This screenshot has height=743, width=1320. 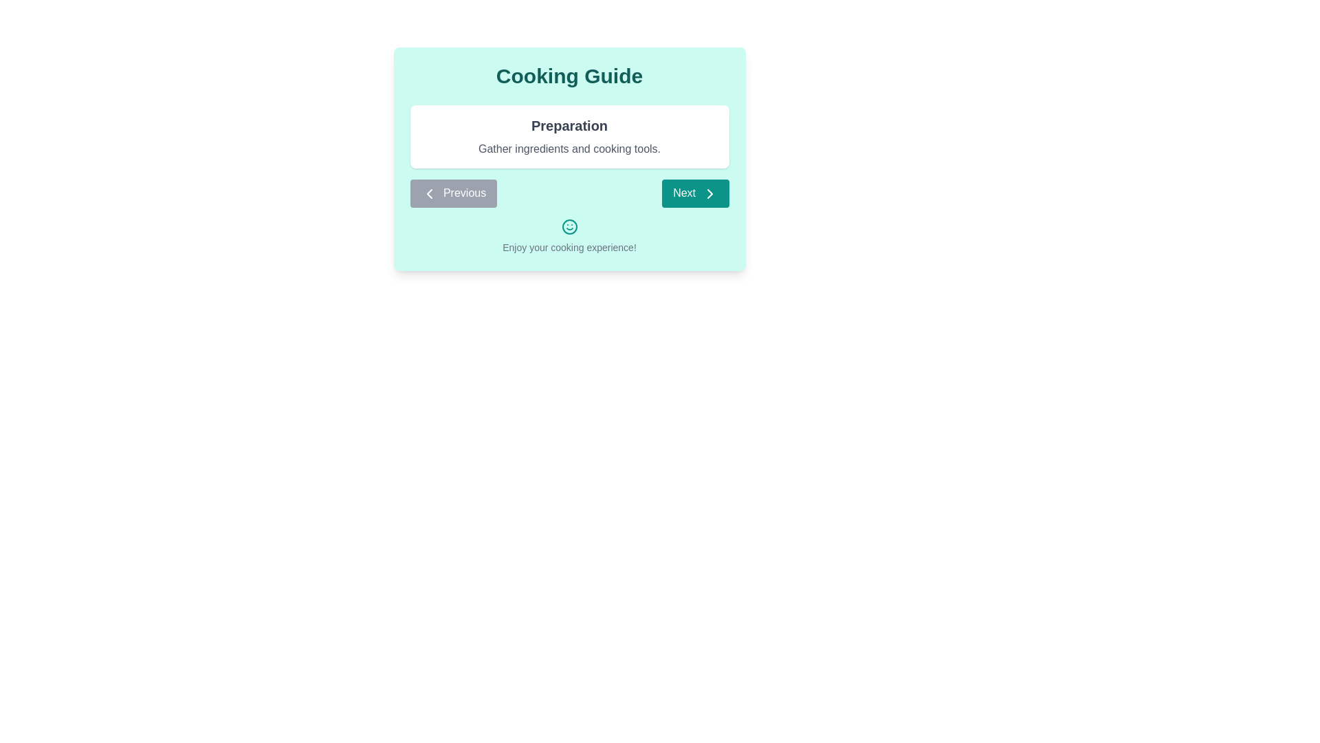 What do you see at coordinates (428, 193) in the screenshot?
I see `the left-pointing chevron icon inside the 'Previous' button located at the bottom-left corner of the mint green card in the navigation section` at bounding box center [428, 193].